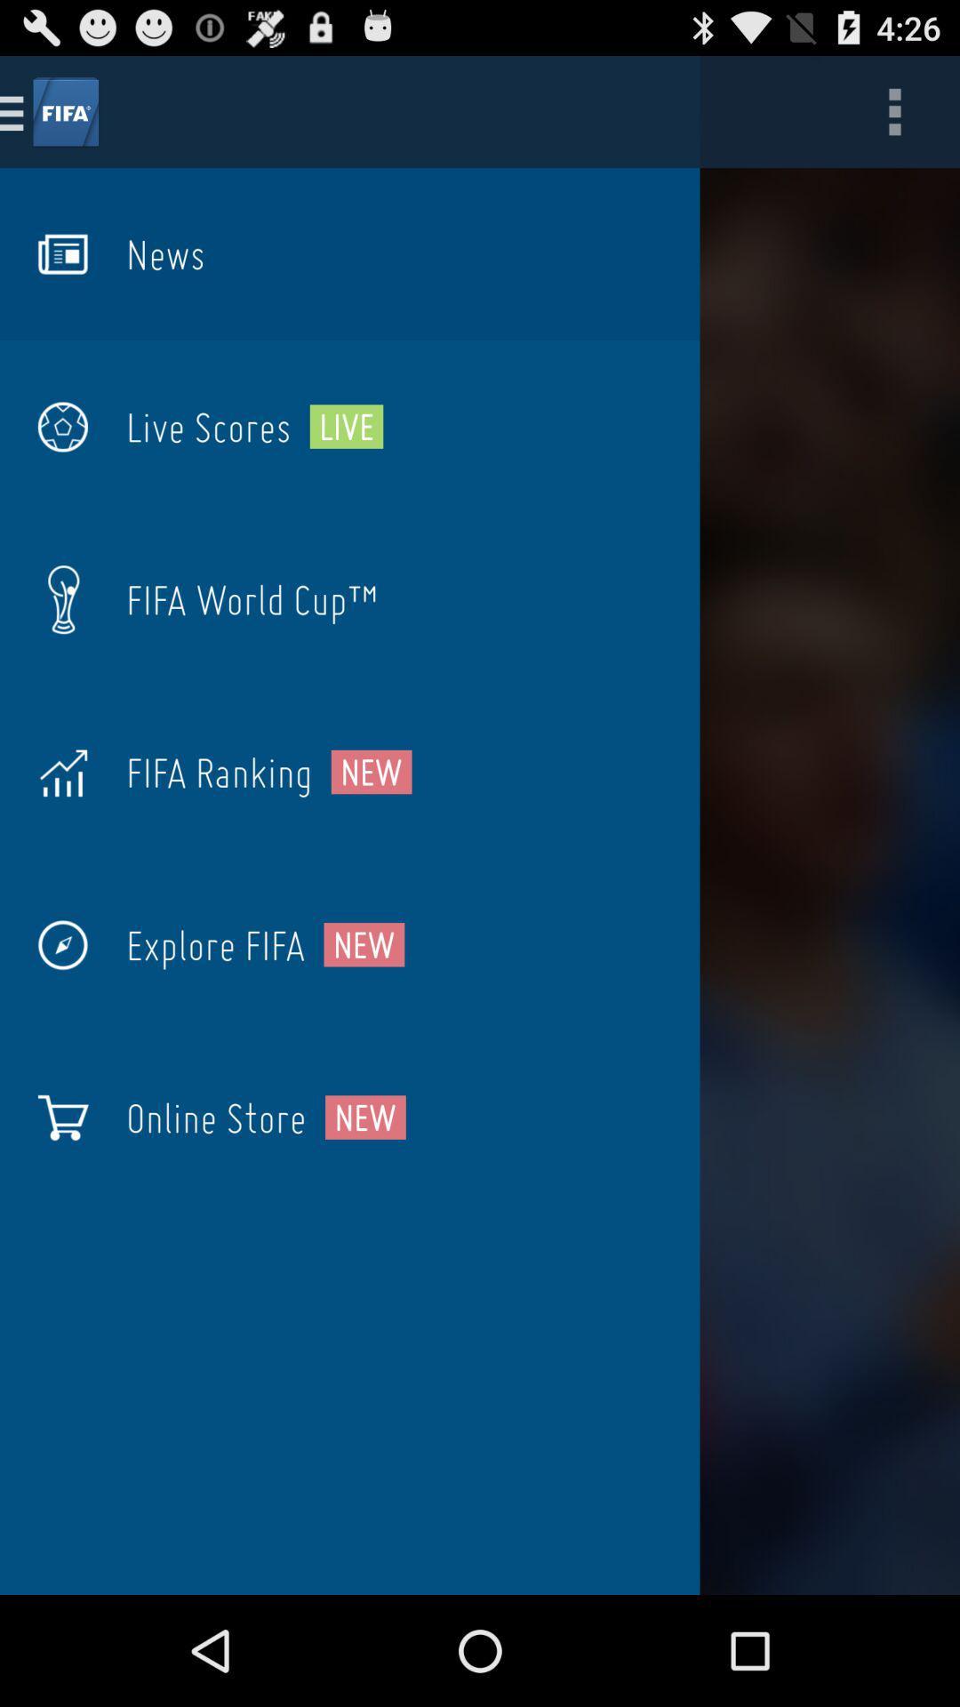 The height and width of the screenshot is (1707, 960). What do you see at coordinates (215, 1117) in the screenshot?
I see `icon to the left of the new` at bounding box center [215, 1117].